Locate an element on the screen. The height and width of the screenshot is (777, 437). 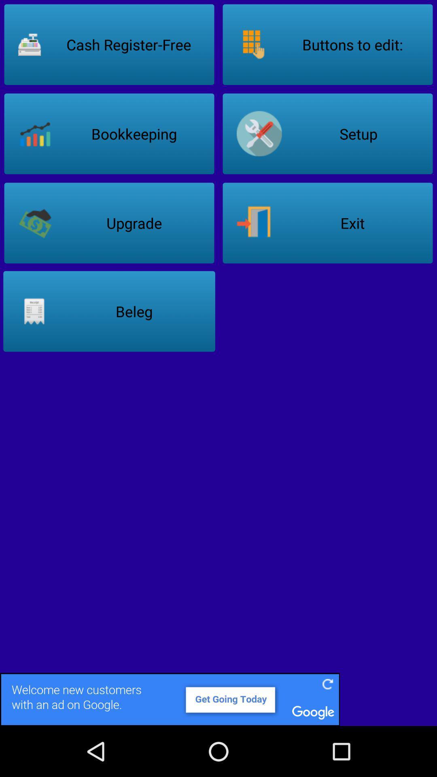
its an advertisement is located at coordinates (218, 699).